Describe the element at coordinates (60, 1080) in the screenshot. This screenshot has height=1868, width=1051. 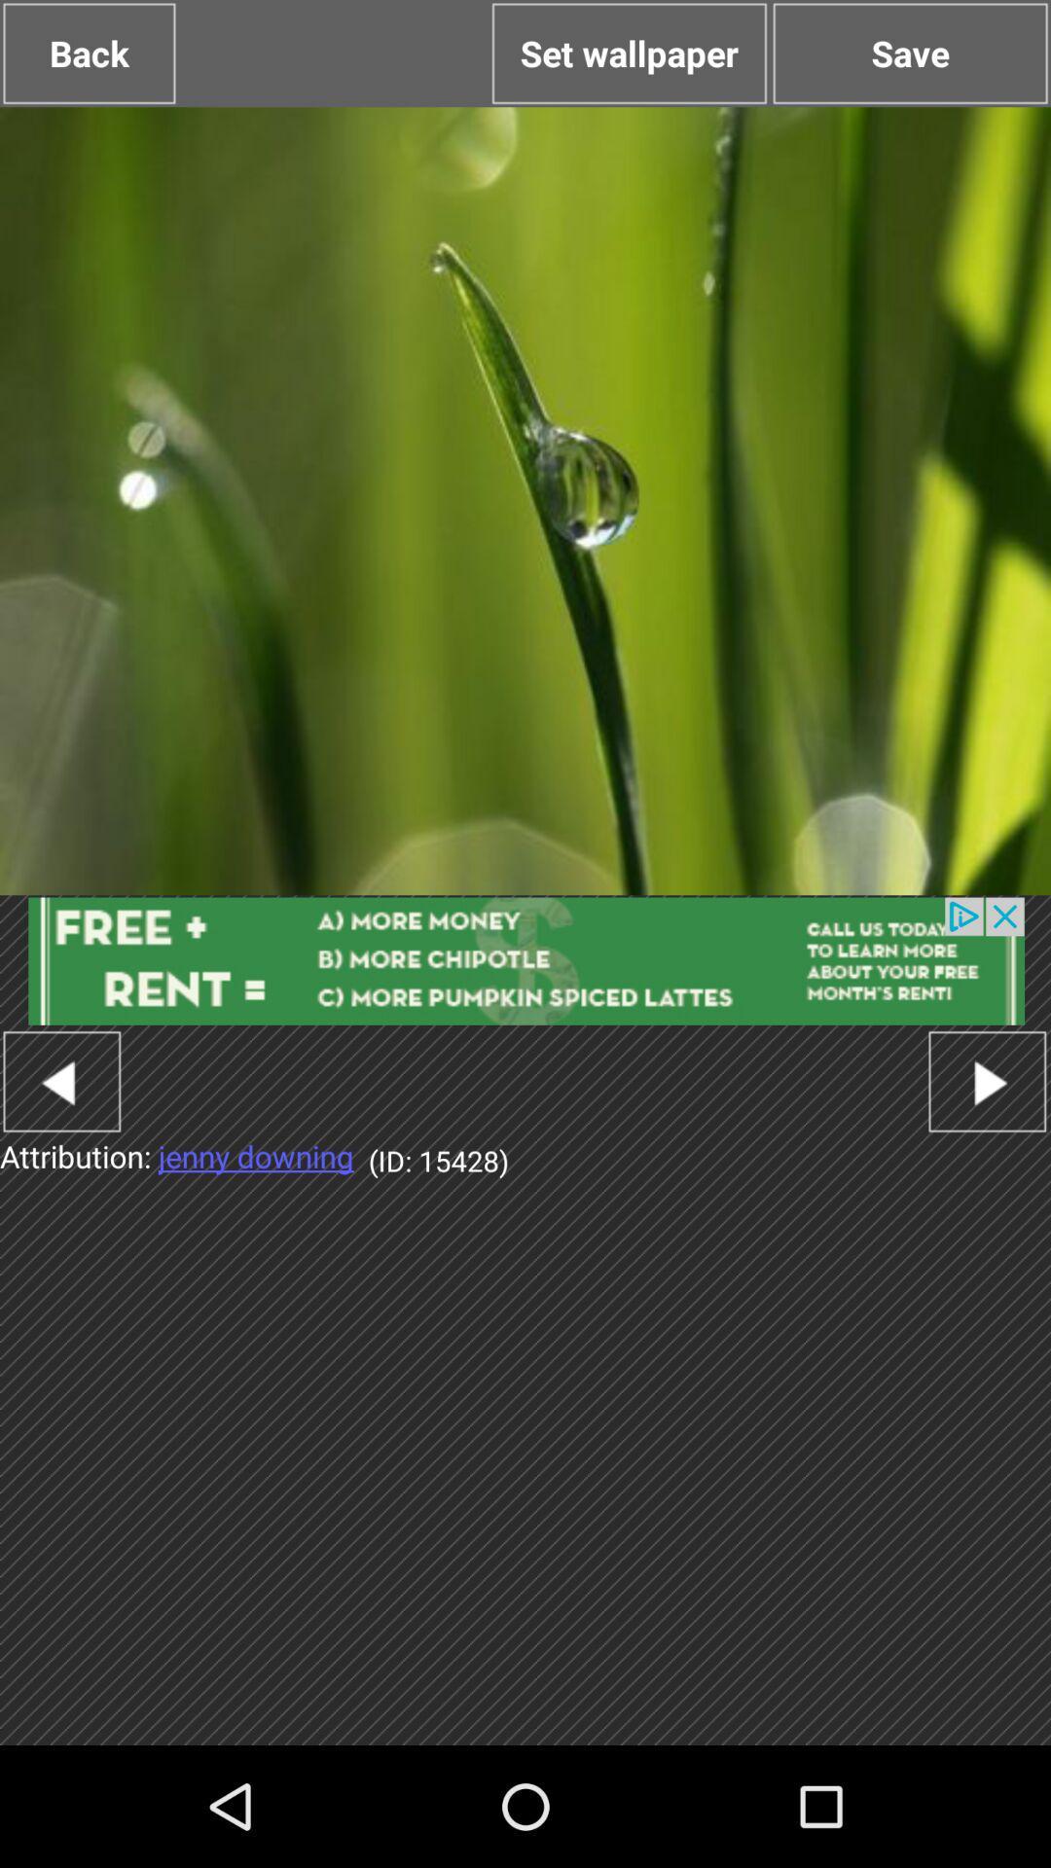
I see `go back` at that location.